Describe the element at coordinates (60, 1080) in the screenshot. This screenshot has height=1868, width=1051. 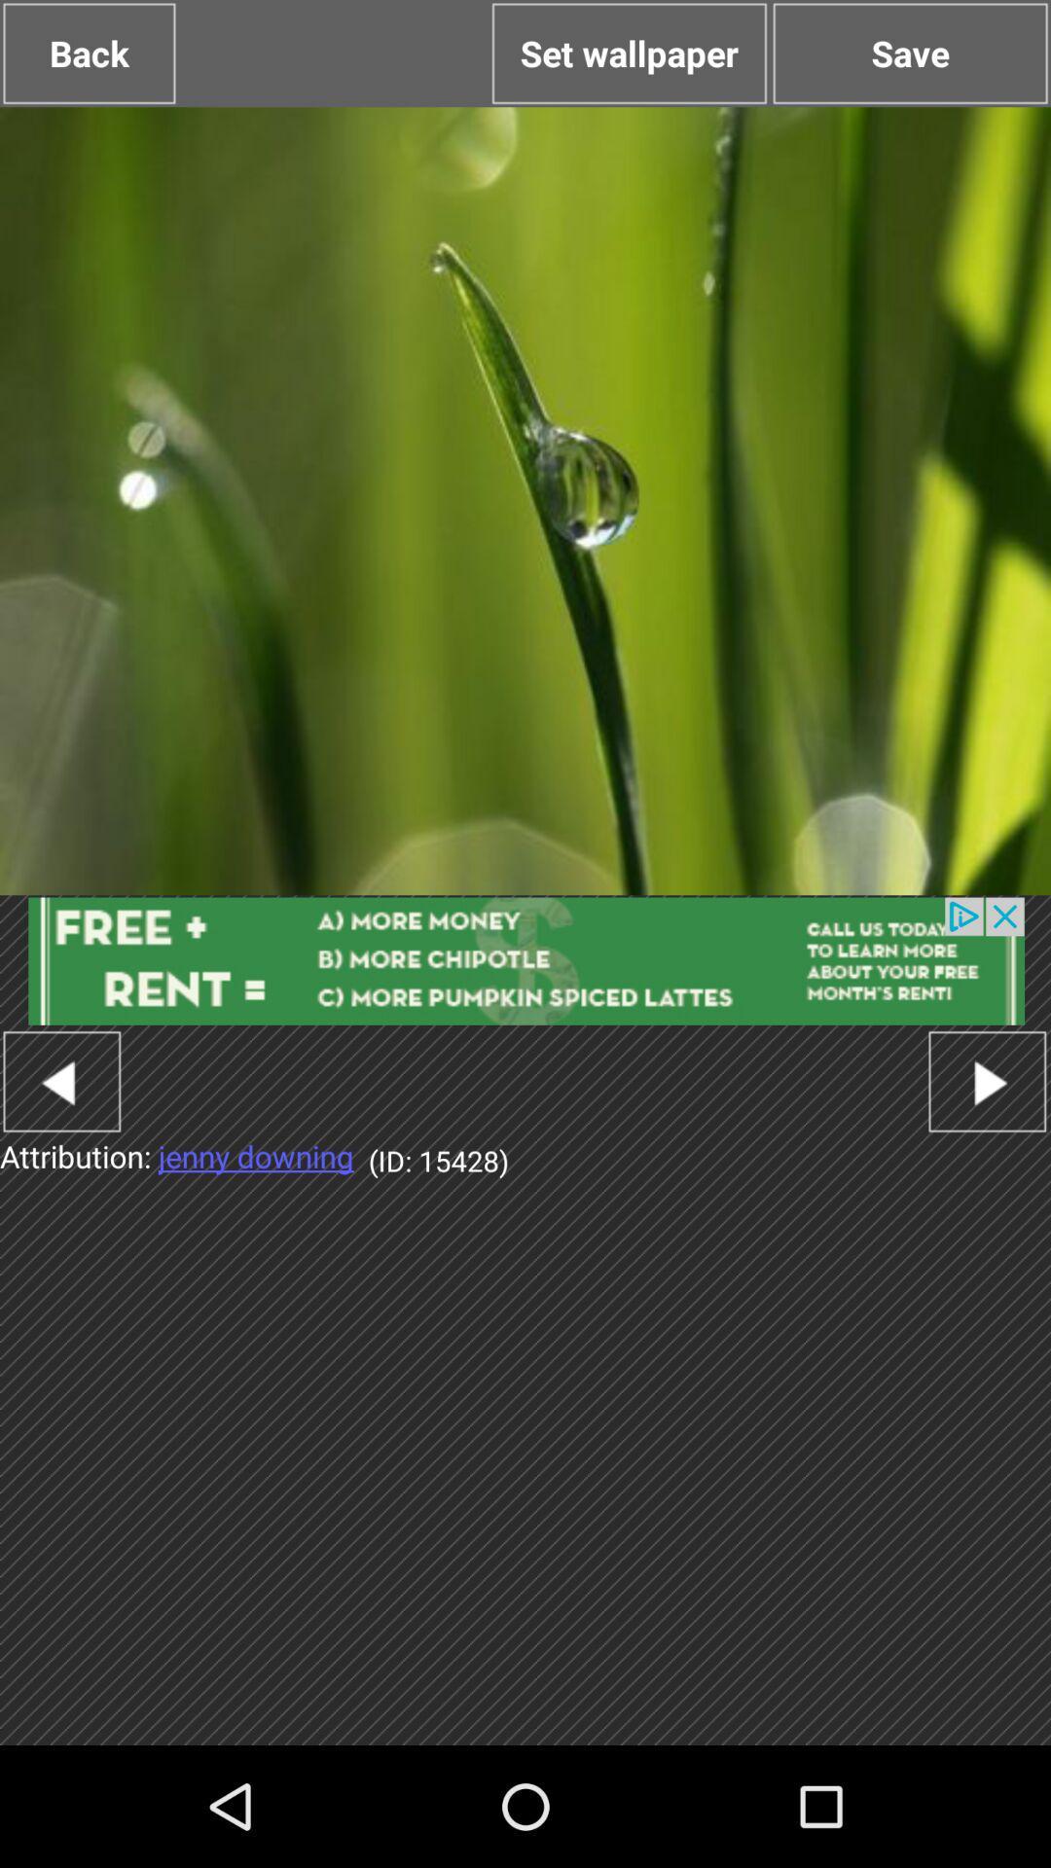
I see `go back` at that location.